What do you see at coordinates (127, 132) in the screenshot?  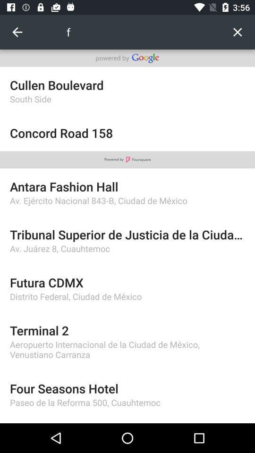 I see `the icon below the south side item` at bounding box center [127, 132].